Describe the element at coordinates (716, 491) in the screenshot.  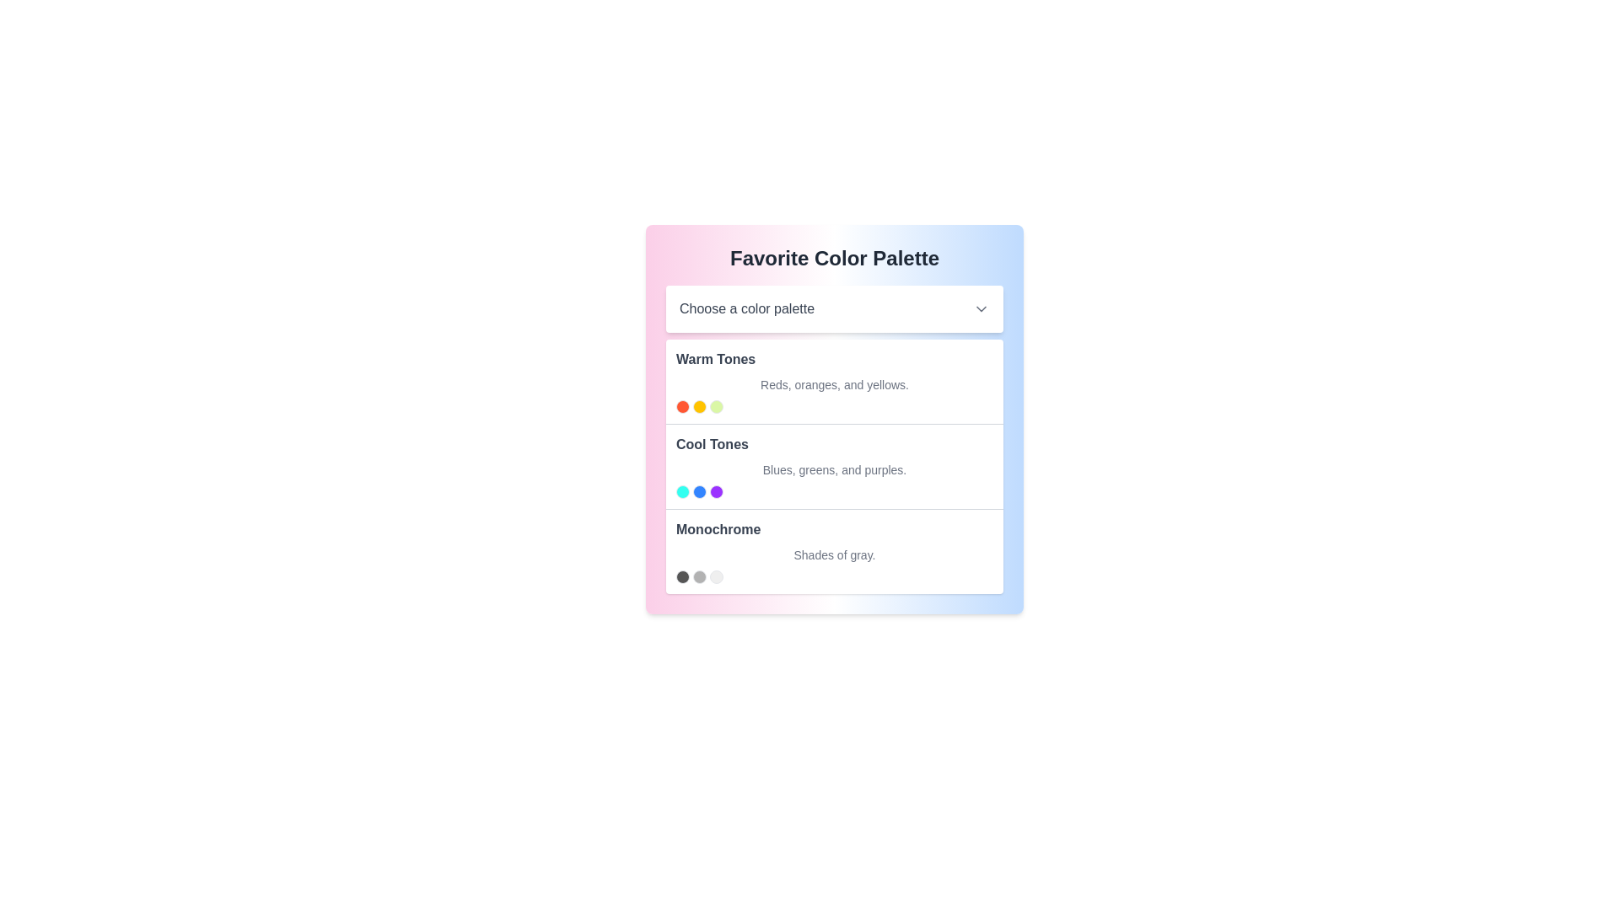
I see `the purple color indicator in the 'Cool Tones' section, which is the third circle in a horizontal trio of color indicators` at that location.